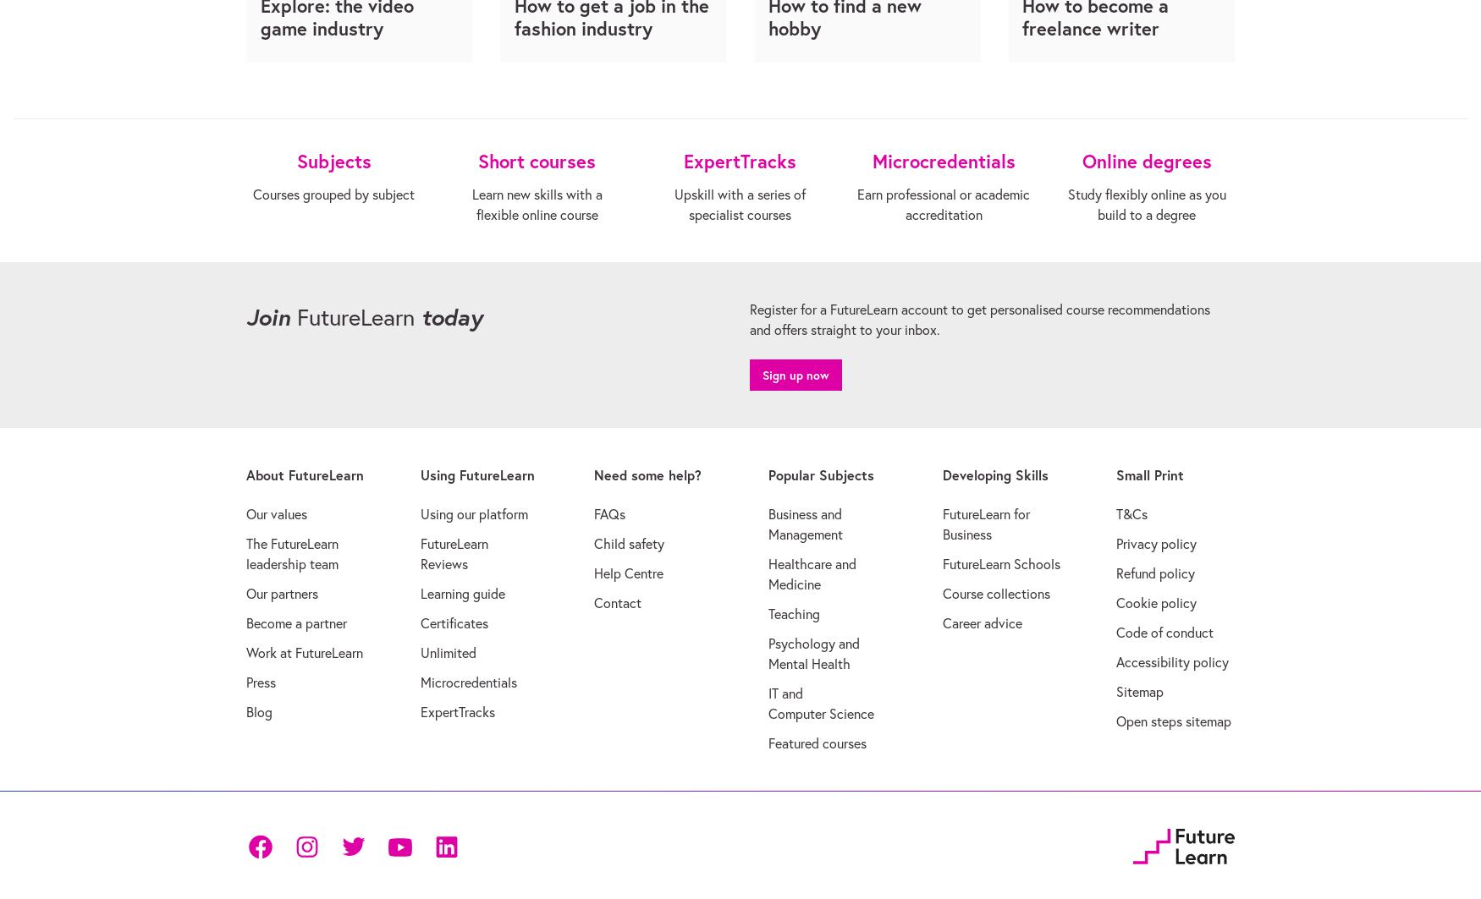 This screenshot has width=1481, height=899. What do you see at coordinates (453, 552) in the screenshot?
I see `'FutureLearn Reviews'` at bounding box center [453, 552].